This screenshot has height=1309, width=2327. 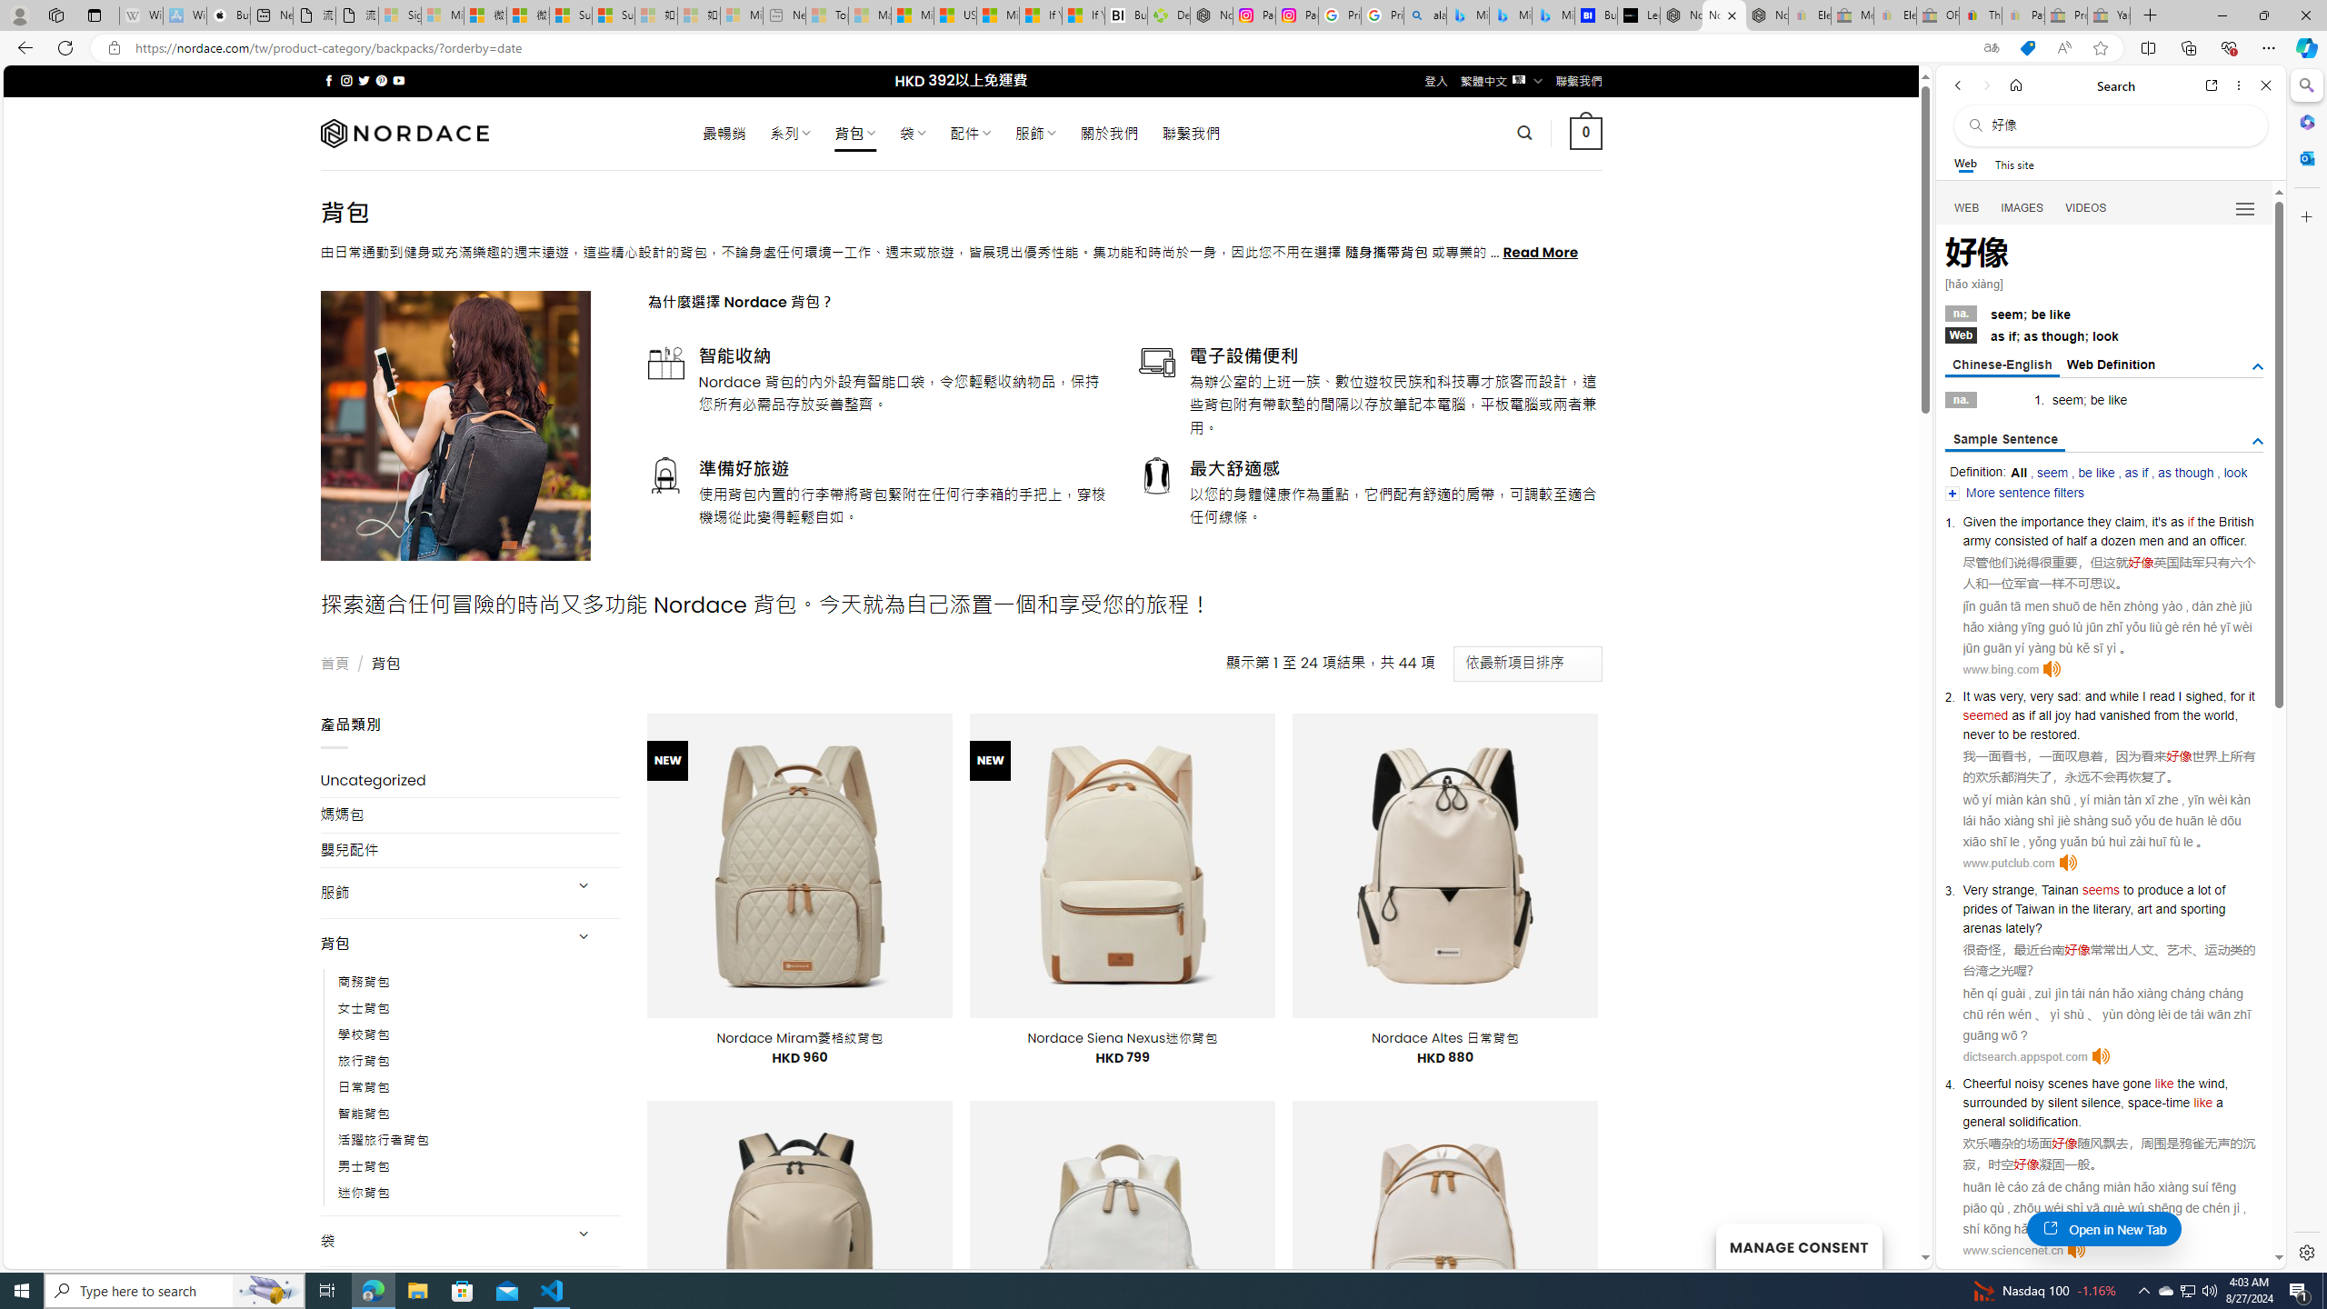 I want to click on 'lately', so click(x=2020, y=926).